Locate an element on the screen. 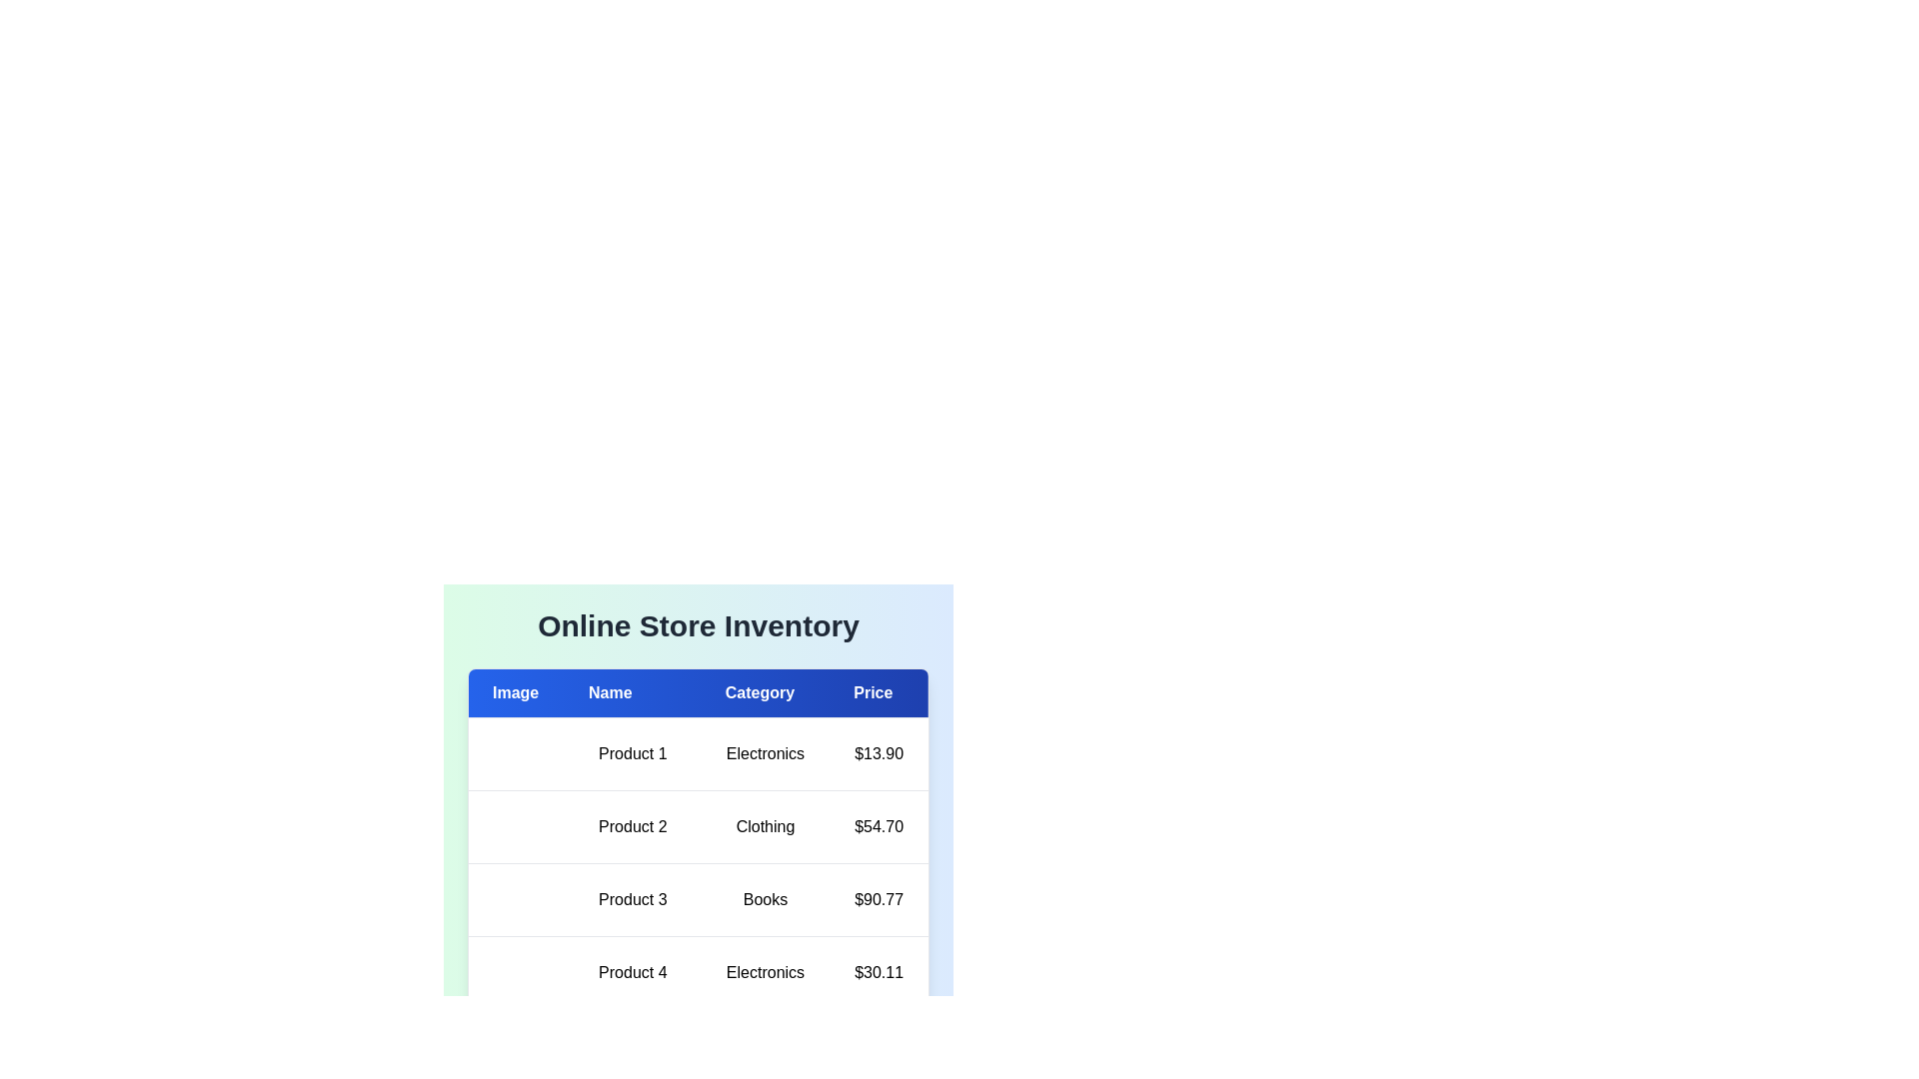 This screenshot has width=1919, height=1079. the image placeholder of product Product 1 is located at coordinates (493, 754).